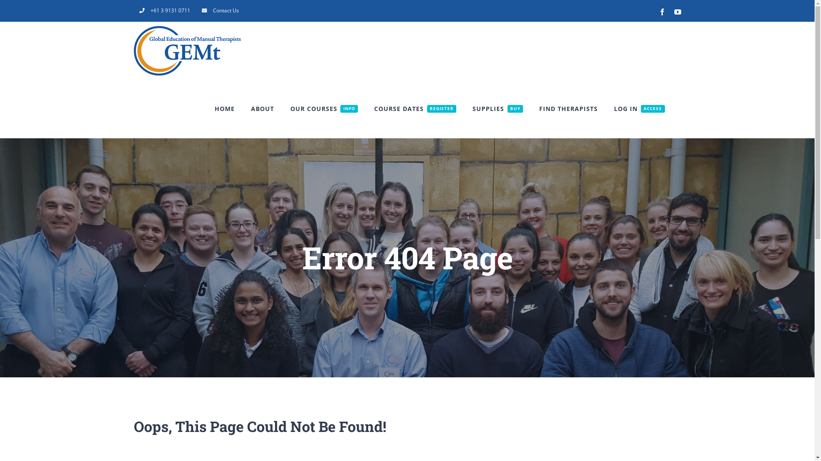 This screenshot has width=821, height=461. What do you see at coordinates (290, 108) in the screenshot?
I see `'OUR COURSES` at bounding box center [290, 108].